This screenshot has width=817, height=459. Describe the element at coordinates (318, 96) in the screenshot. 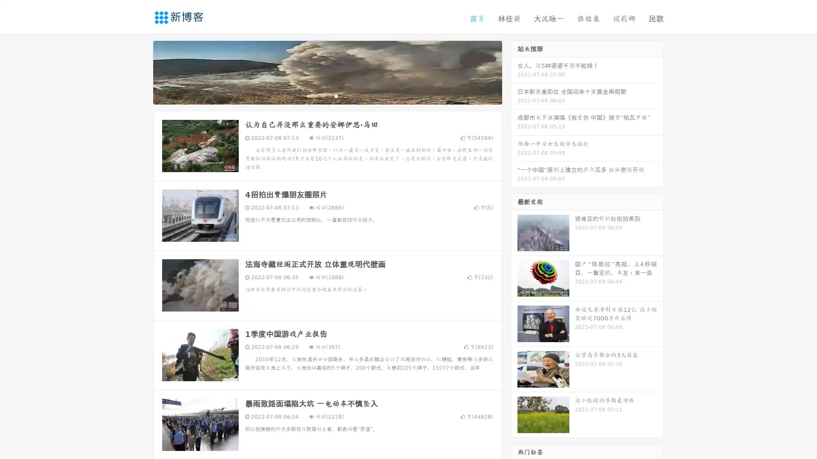

I see `Go to slide 1` at that location.